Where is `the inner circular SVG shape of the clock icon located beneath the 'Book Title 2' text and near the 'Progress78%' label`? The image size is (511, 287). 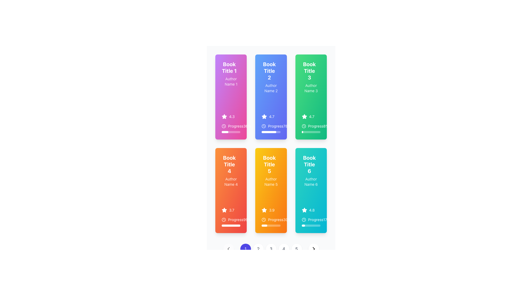
the inner circular SVG shape of the clock icon located beneath the 'Book Title 2' text and near the 'Progress78%' label is located at coordinates (264, 126).